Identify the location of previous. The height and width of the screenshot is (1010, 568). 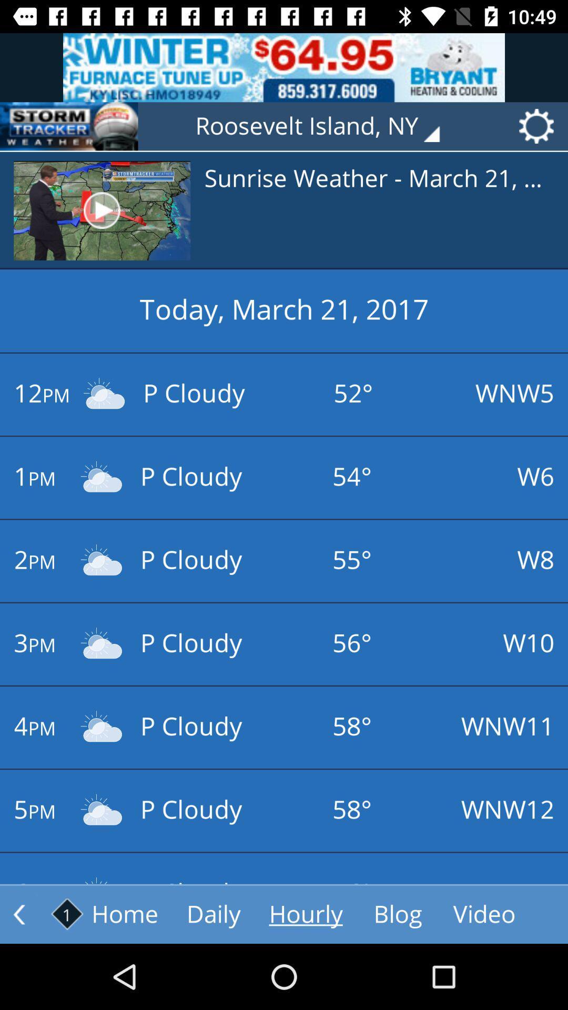
(19, 914).